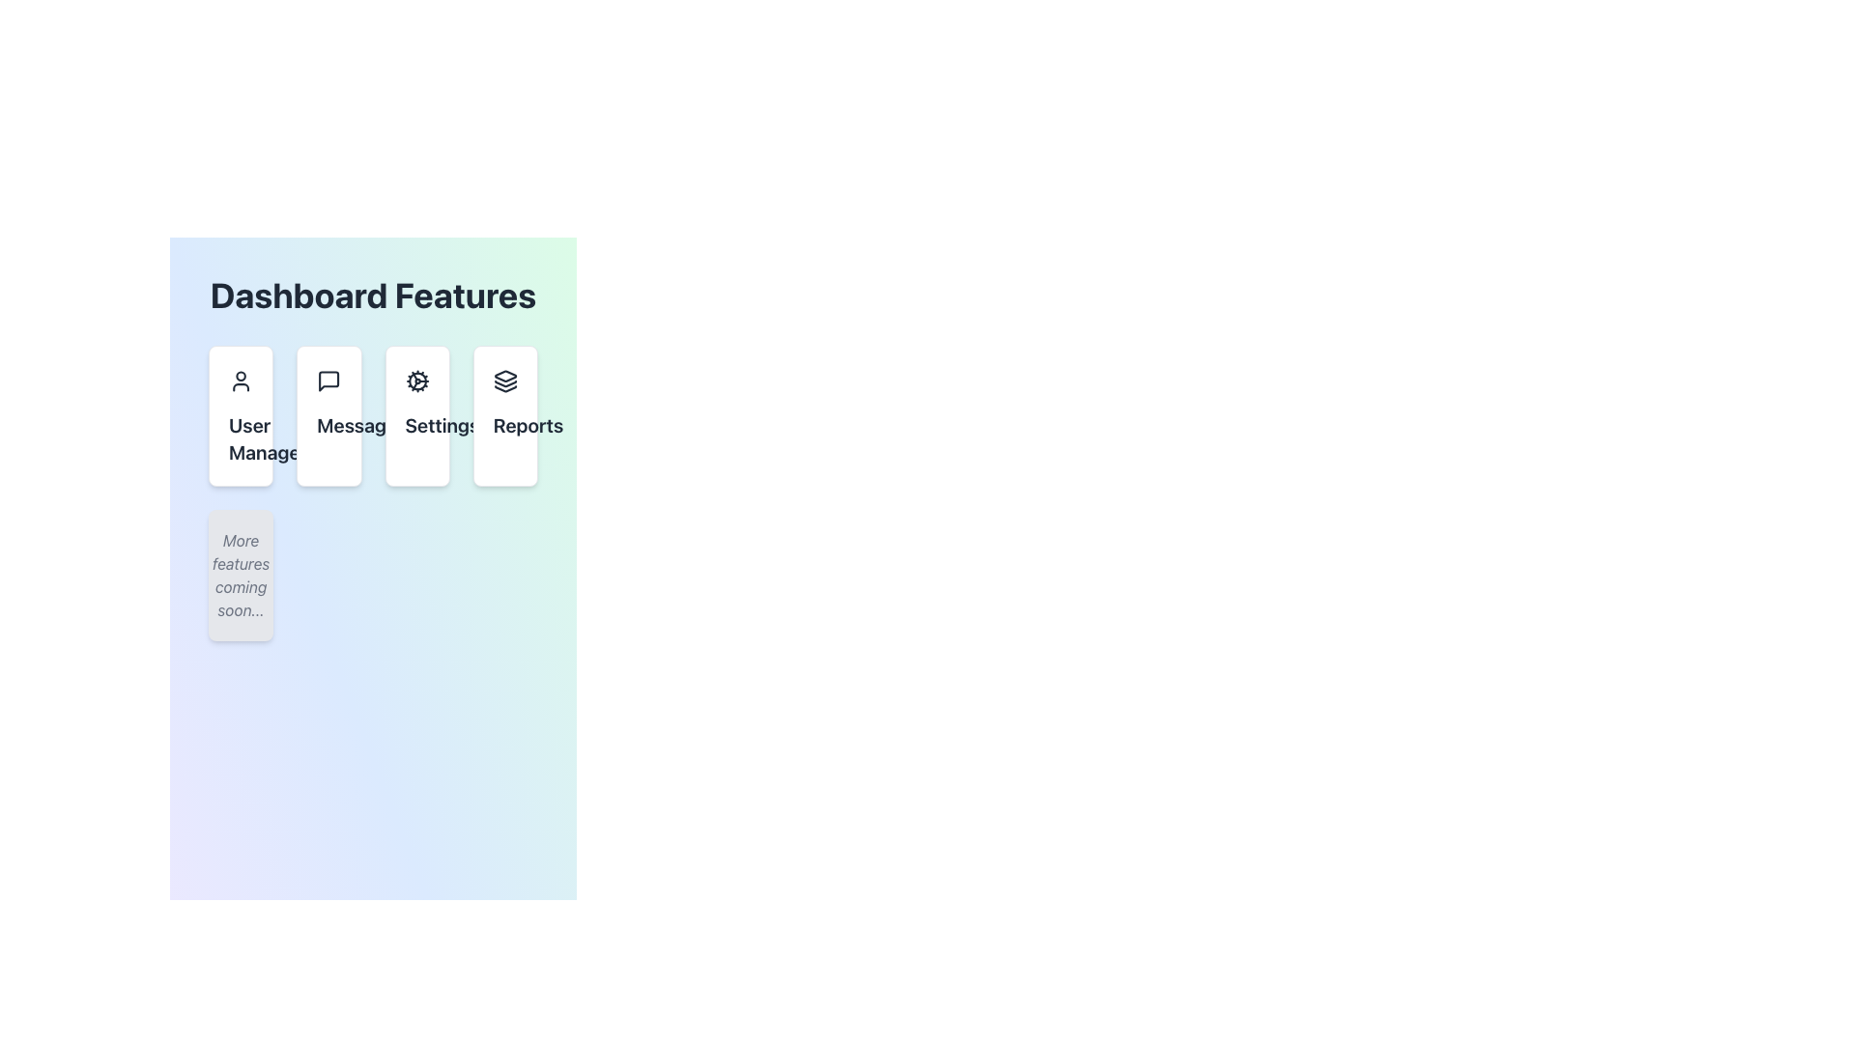 This screenshot has width=1855, height=1043. I want to click on the cogwheel icon, which is part of the 'Settings' card in the Dashboard Features section, positioned as the third card from the left, so click(416, 381).